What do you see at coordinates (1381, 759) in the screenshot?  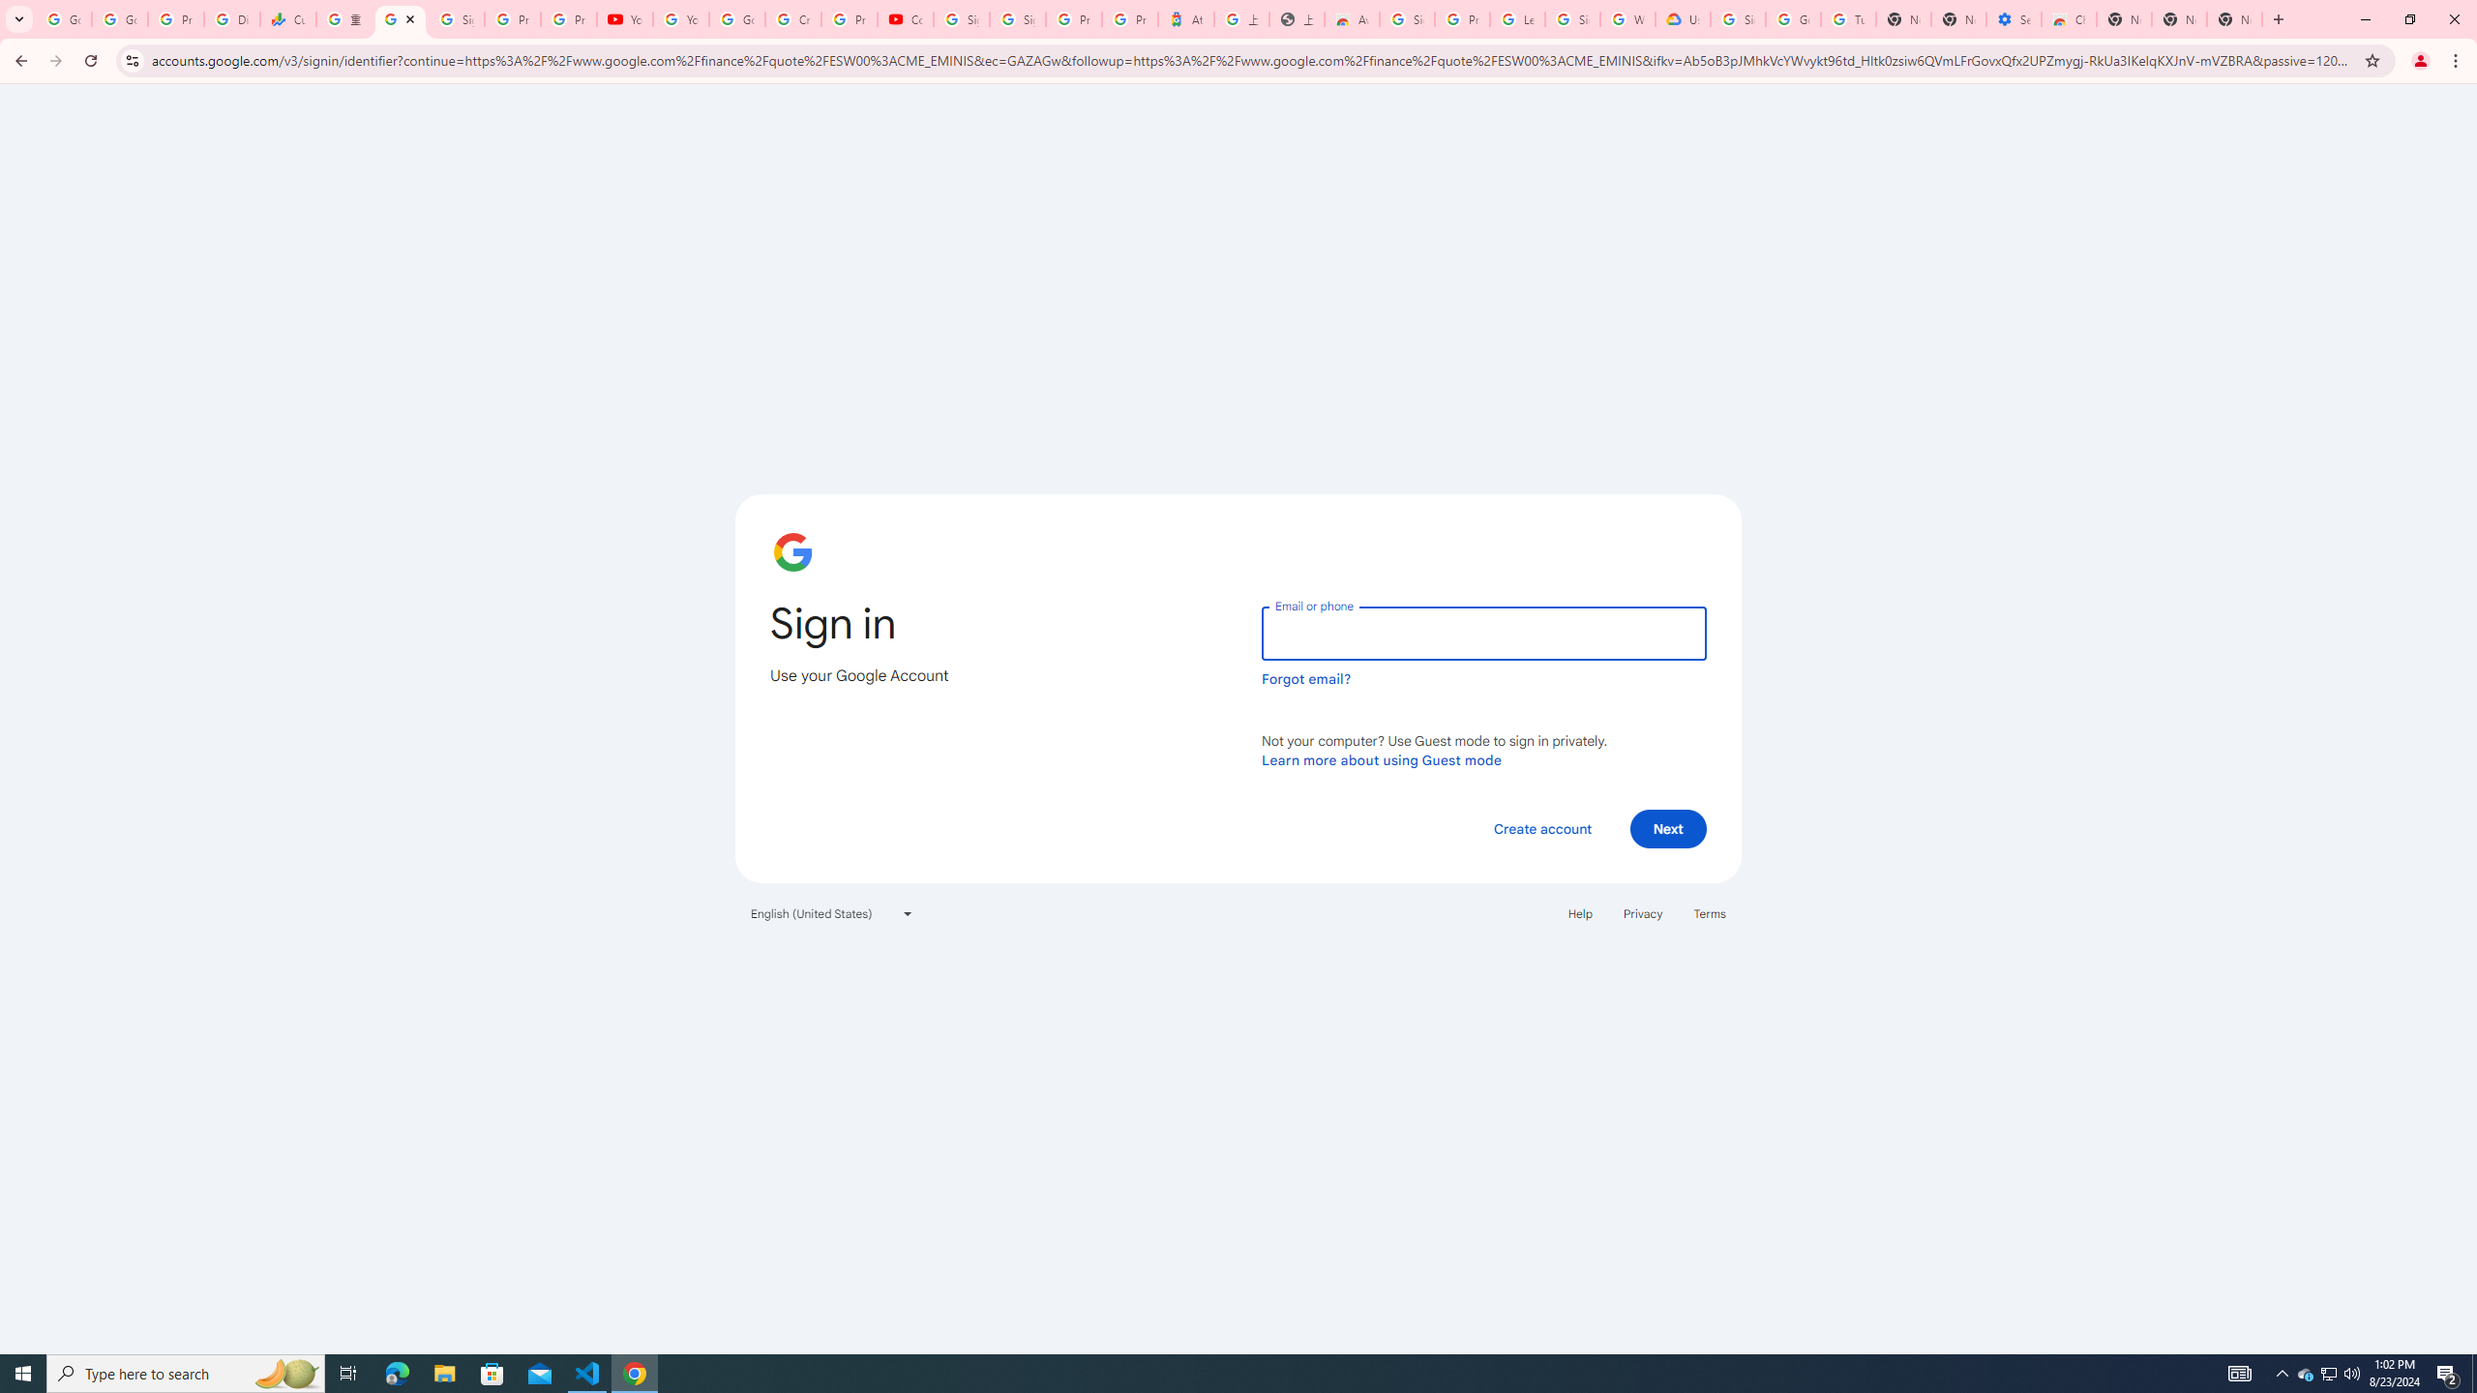 I see `'Learn more about using Guest mode'` at bounding box center [1381, 759].